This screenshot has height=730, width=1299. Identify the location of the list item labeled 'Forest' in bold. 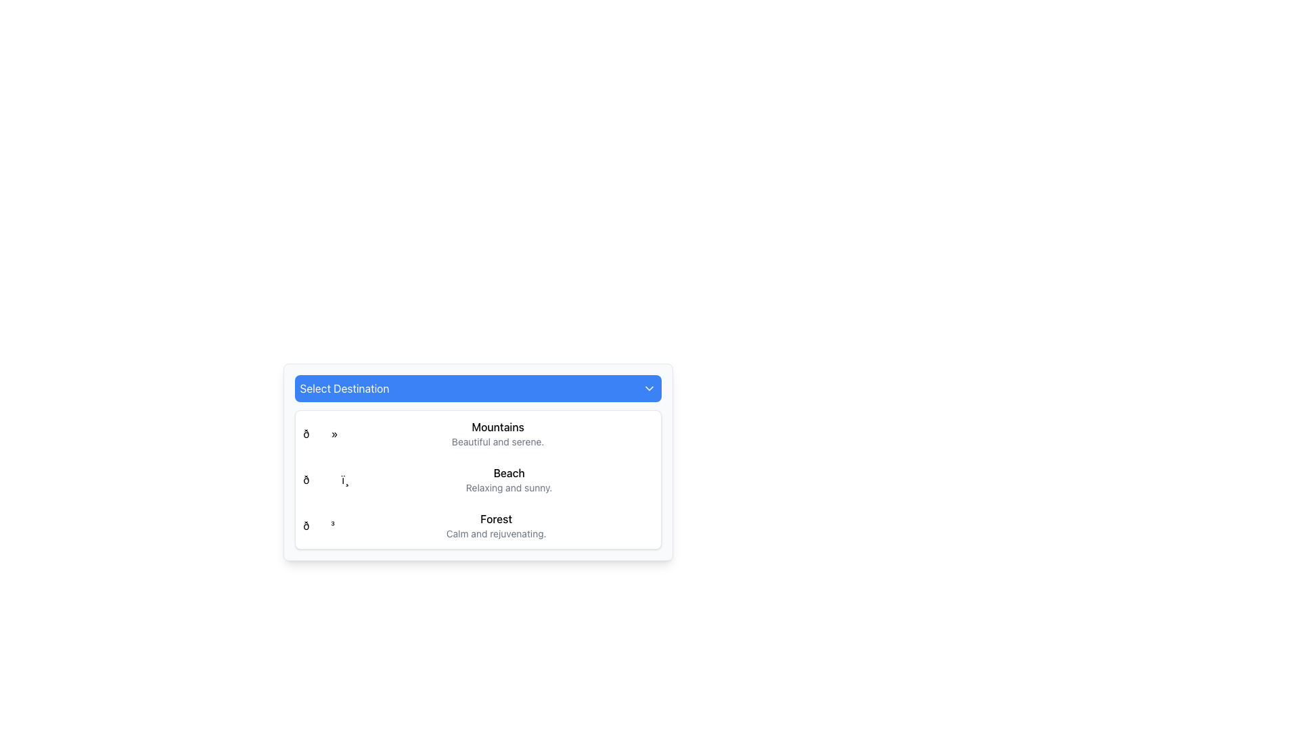
(495, 525).